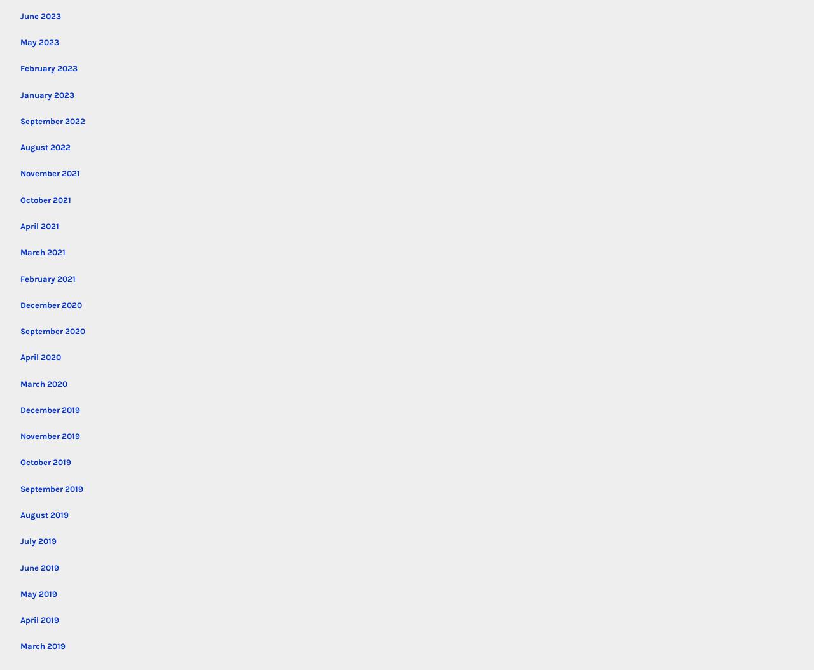 Image resolution: width=814 pixels, height=670 pixels. I want to click on 'November 2019', so click(50, 436).